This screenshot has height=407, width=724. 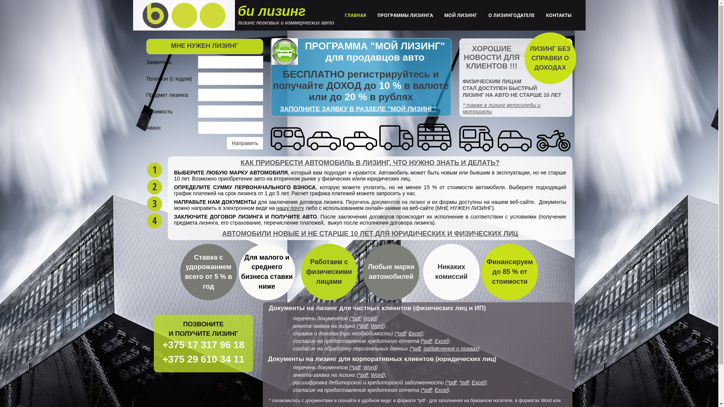 What do you see at coordinates (427, 341) in the screenshot?
I see `'*pdf'` at bounding box center [427, 341].